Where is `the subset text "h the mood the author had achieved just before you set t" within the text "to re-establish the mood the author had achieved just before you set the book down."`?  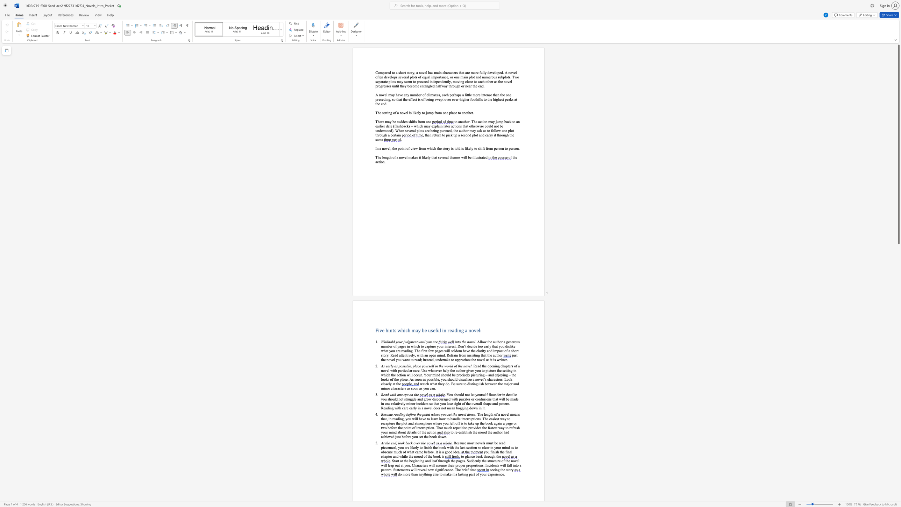 the subset text "h the mood the author had achieved just before you set t" within the text "to re-establish the mood the author had achieved just before you set the book down." is located at coordinates (469, 432).